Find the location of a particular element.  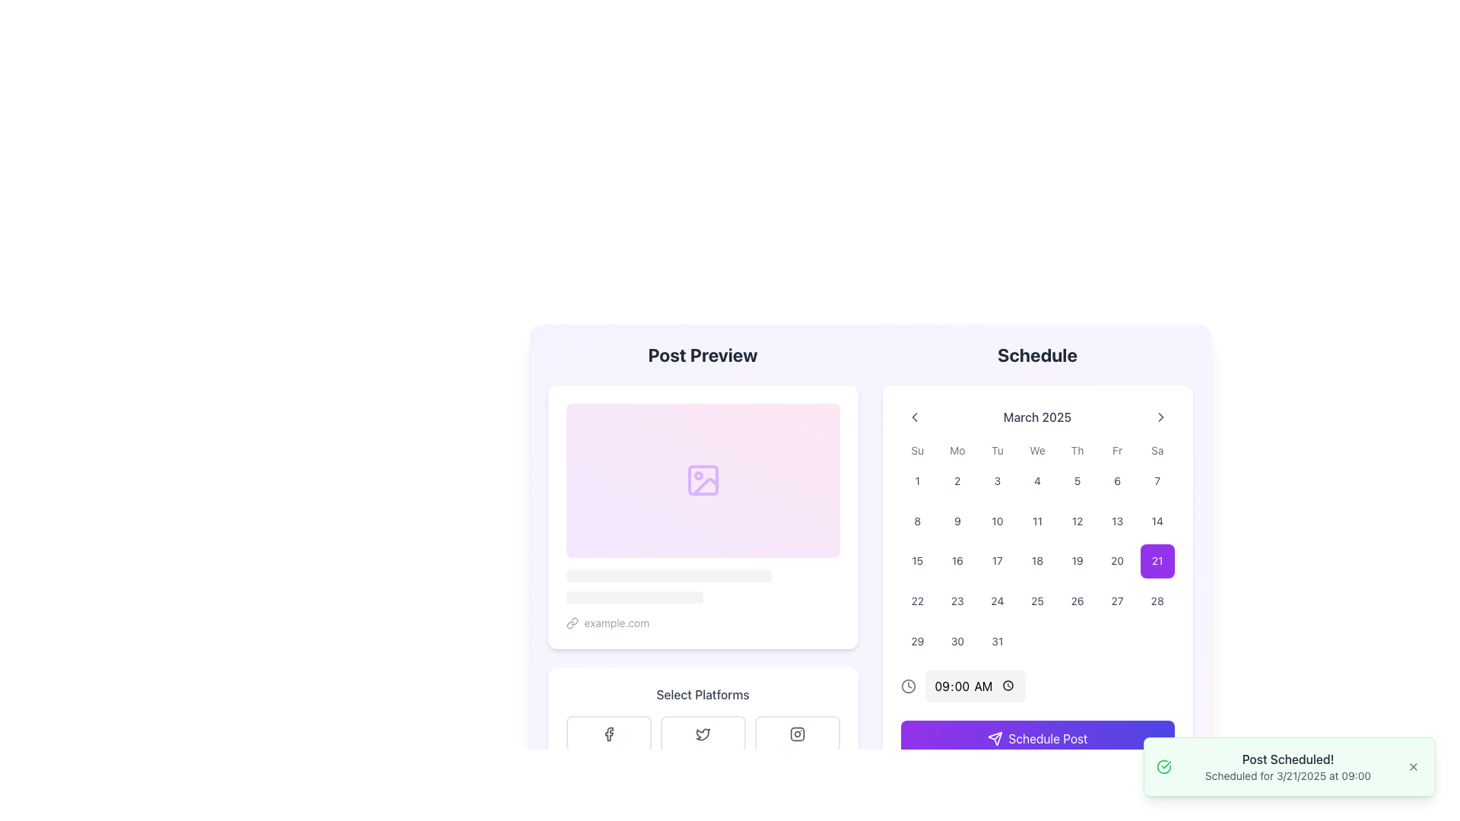

the square-shaped button displaying the number '18' is located at coordinates (1036, 561).